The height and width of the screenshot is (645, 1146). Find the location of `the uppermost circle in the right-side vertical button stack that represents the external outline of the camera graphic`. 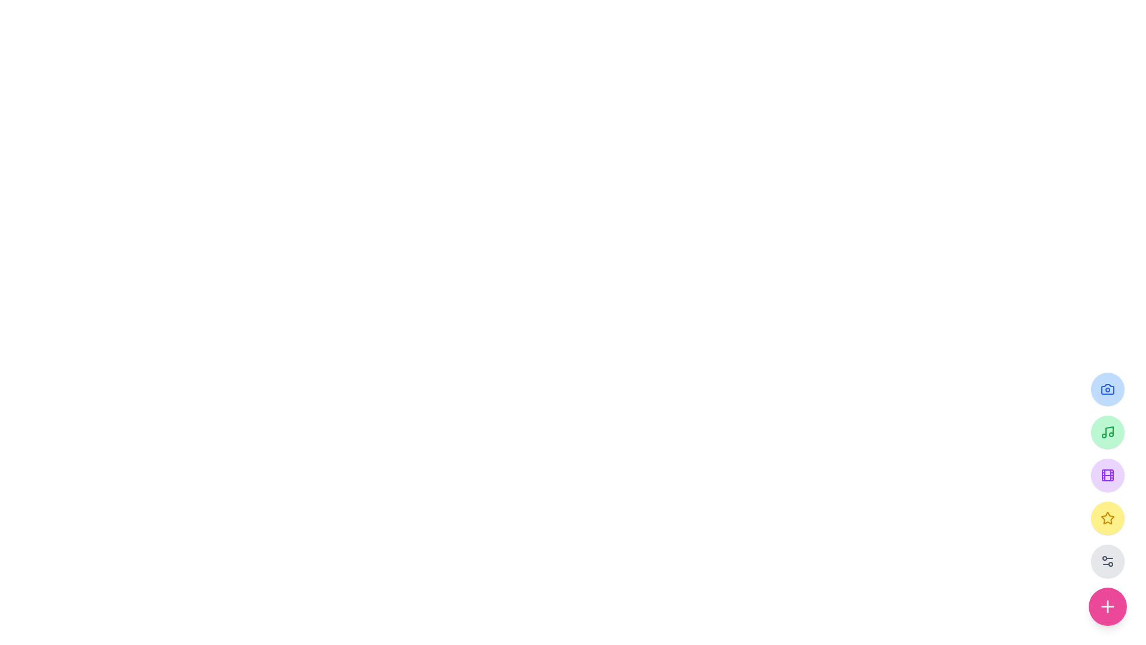

the uppermost circle in the right-side vertical button stack that represents the external outline of the camera graphic is located at coordinates (1107, 389).